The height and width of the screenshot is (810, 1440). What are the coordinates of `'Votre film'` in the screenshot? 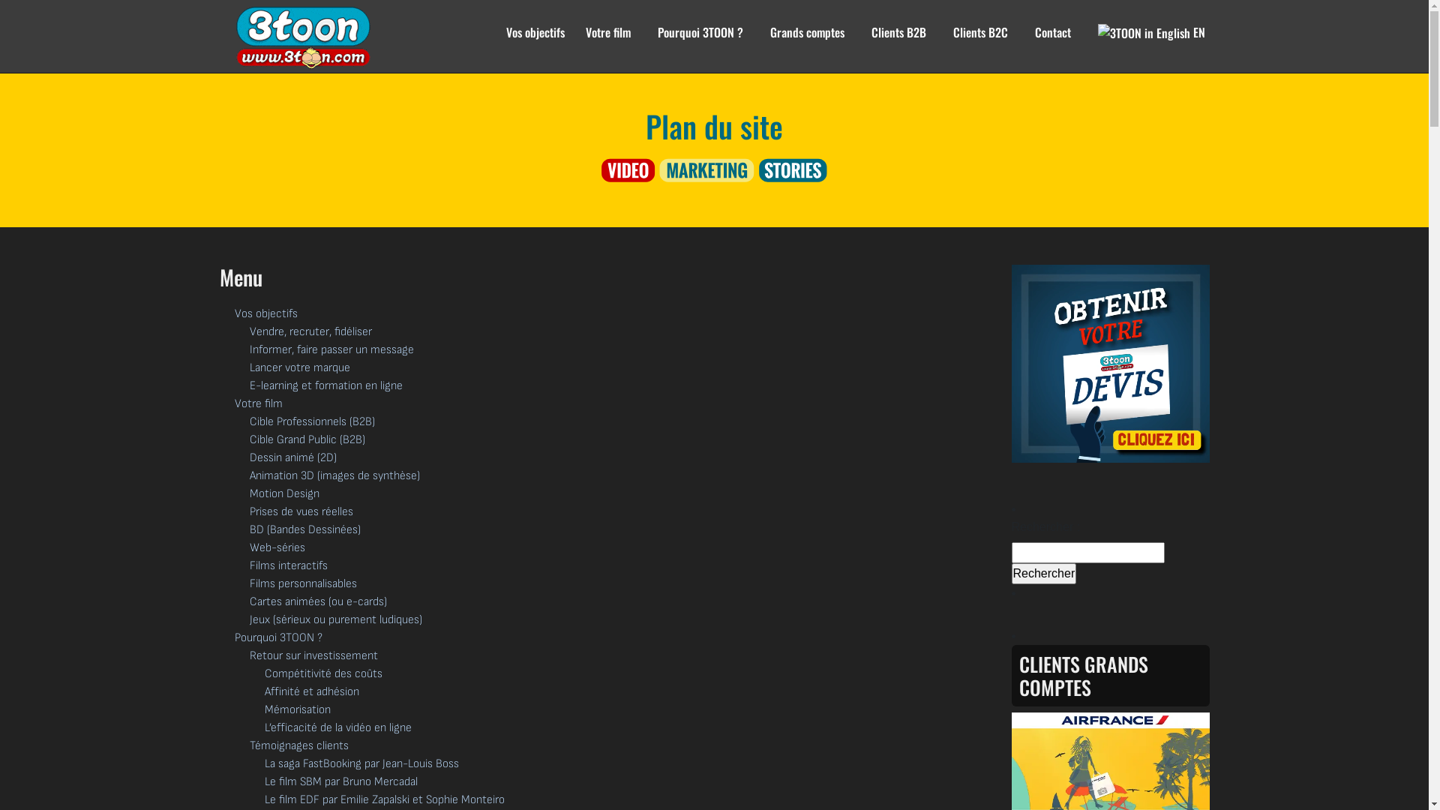 It's located at (607, 40).